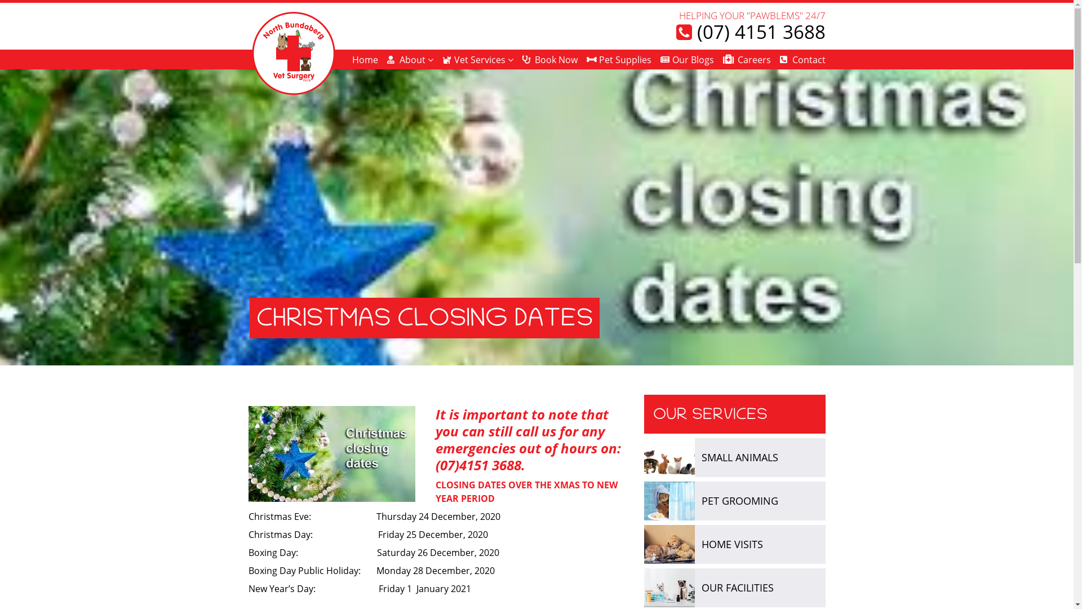  Describe the element at coordinates (478, 59) in the screenshot. I see `'Vet Services'` at that location.